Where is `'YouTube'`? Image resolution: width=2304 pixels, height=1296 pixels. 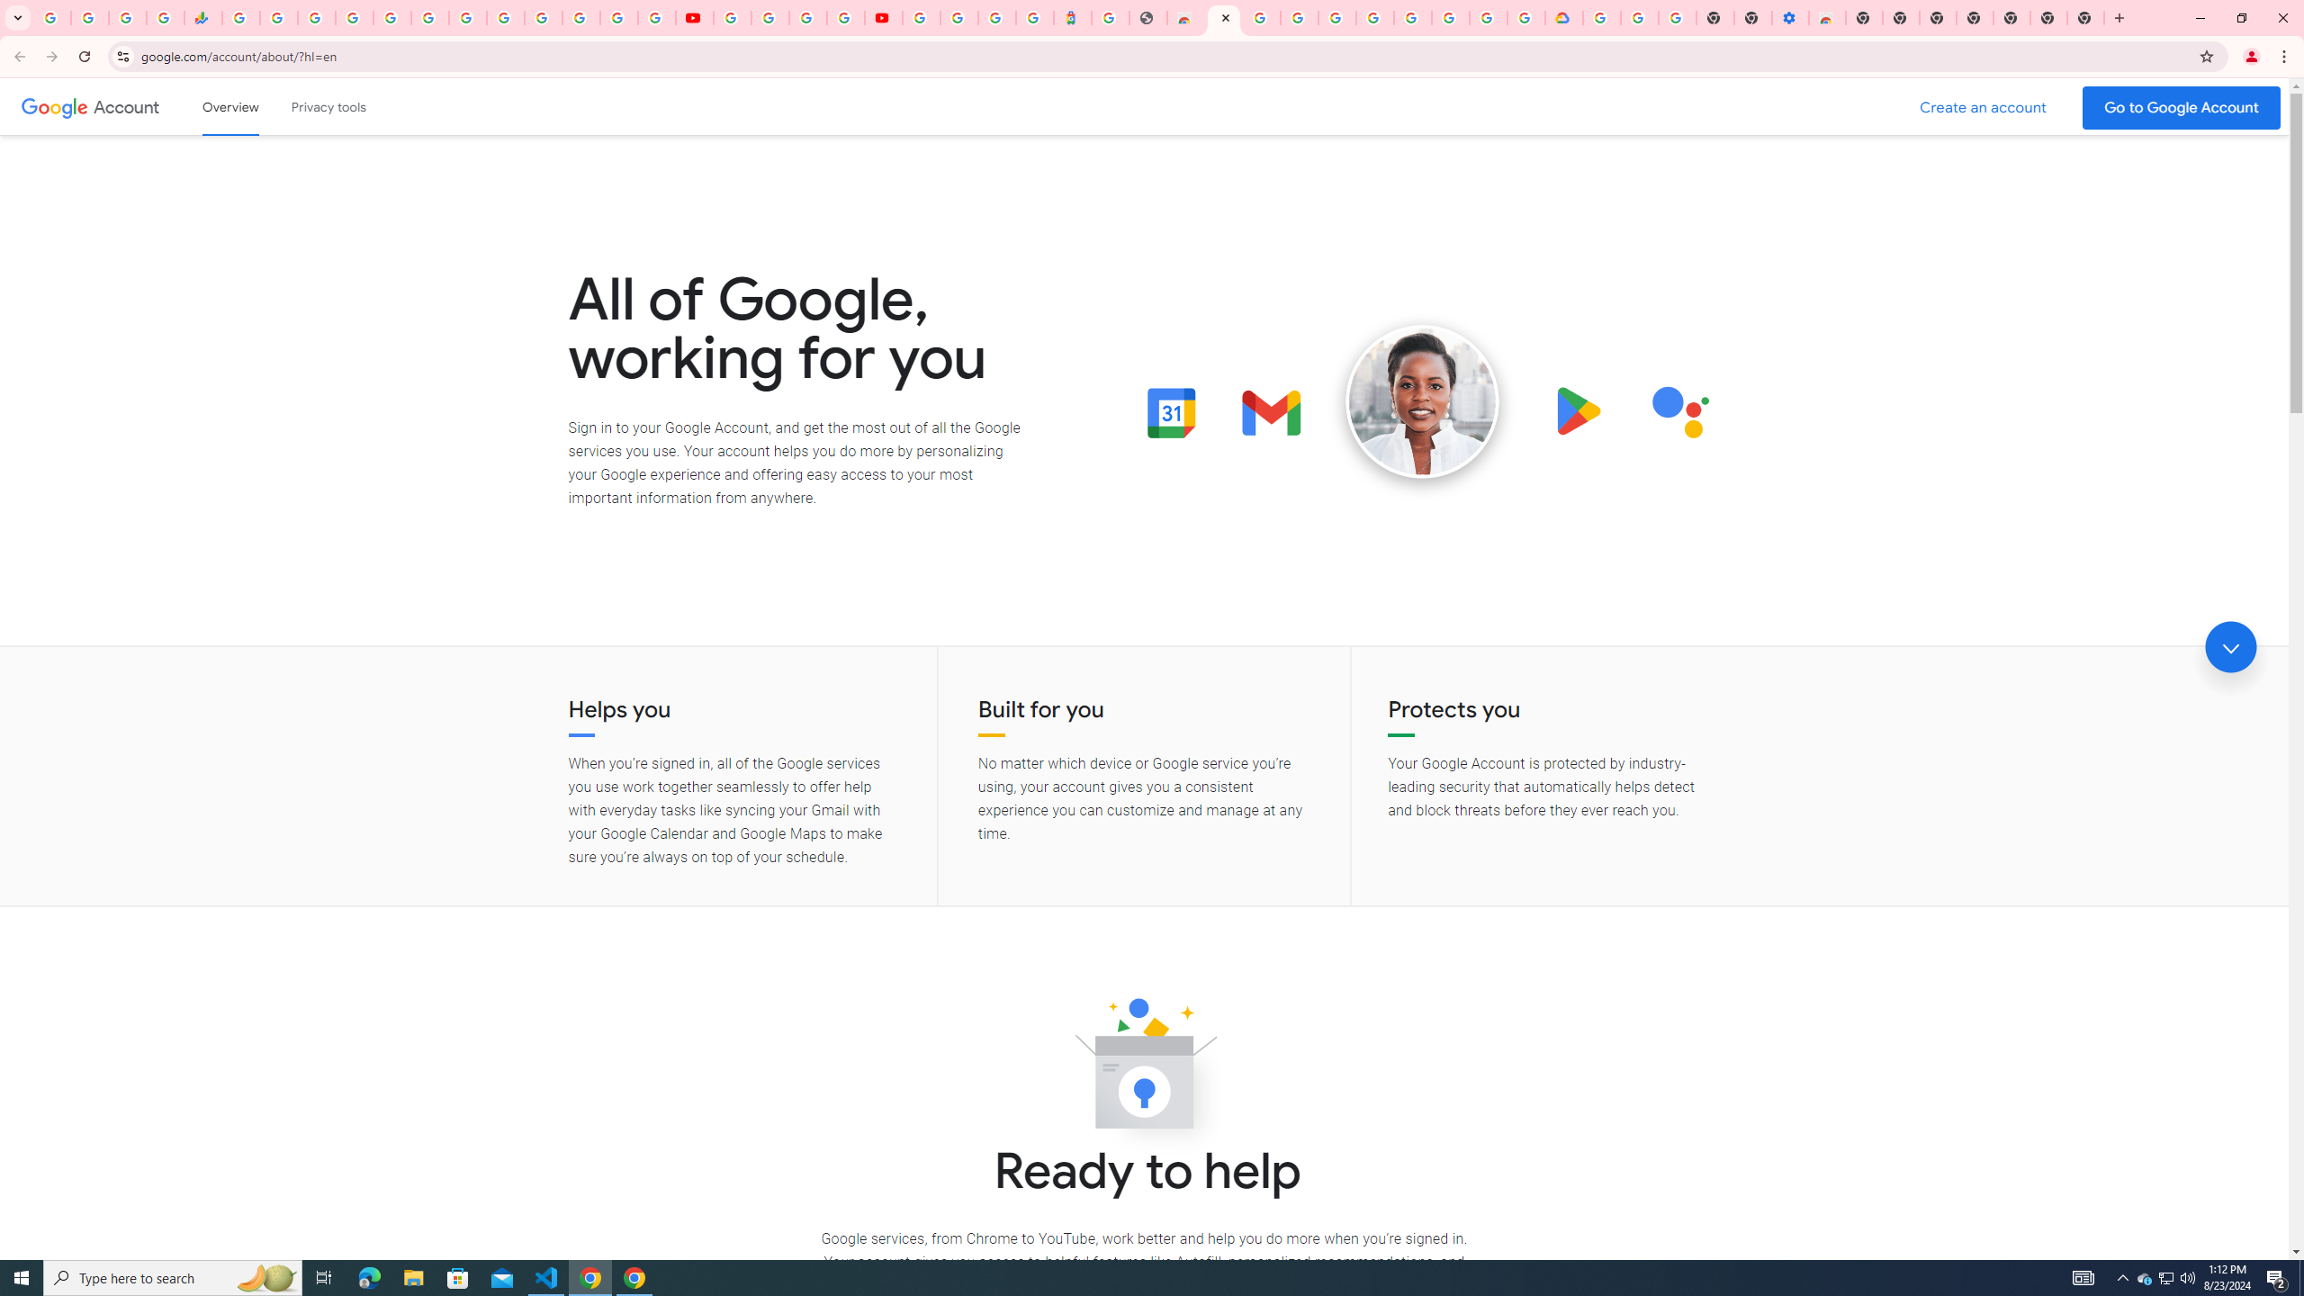 'YouTube' is located at coordinates (733, 17).